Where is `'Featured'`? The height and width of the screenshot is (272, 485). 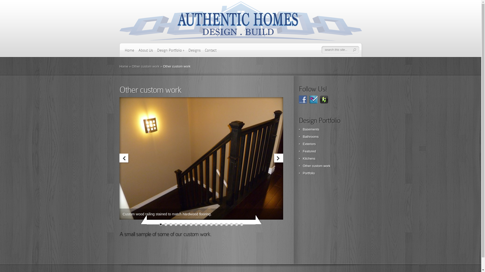 'Featured' is located at coordinates (303, 151).